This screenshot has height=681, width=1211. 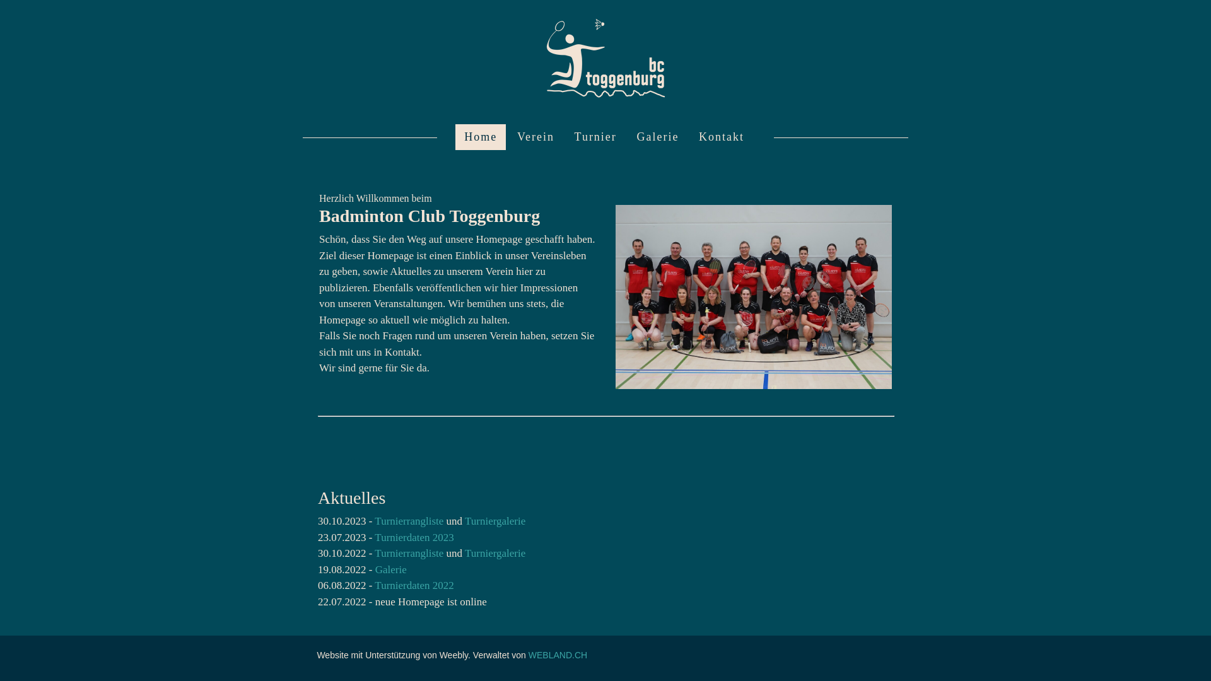 What do you see at coordinates (557, 654) in the screenshot?
I see `'WEBLAND.CH'` at bounding box center [557, 654].